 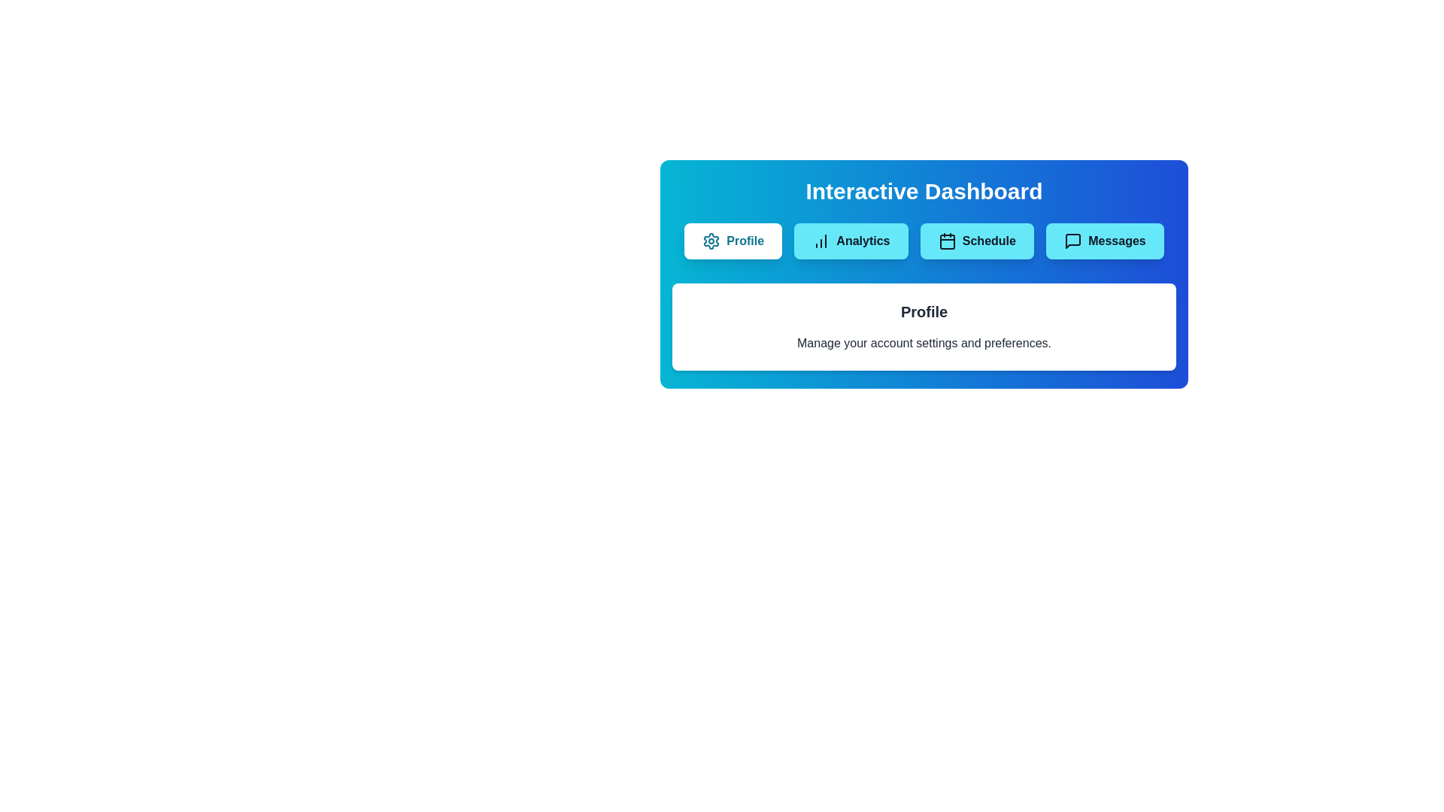 What do you see at coordinates (1104, 240) in the screenshot?
I see `the tab labeled Messages to view its content` at bounding box center [1104, 240].